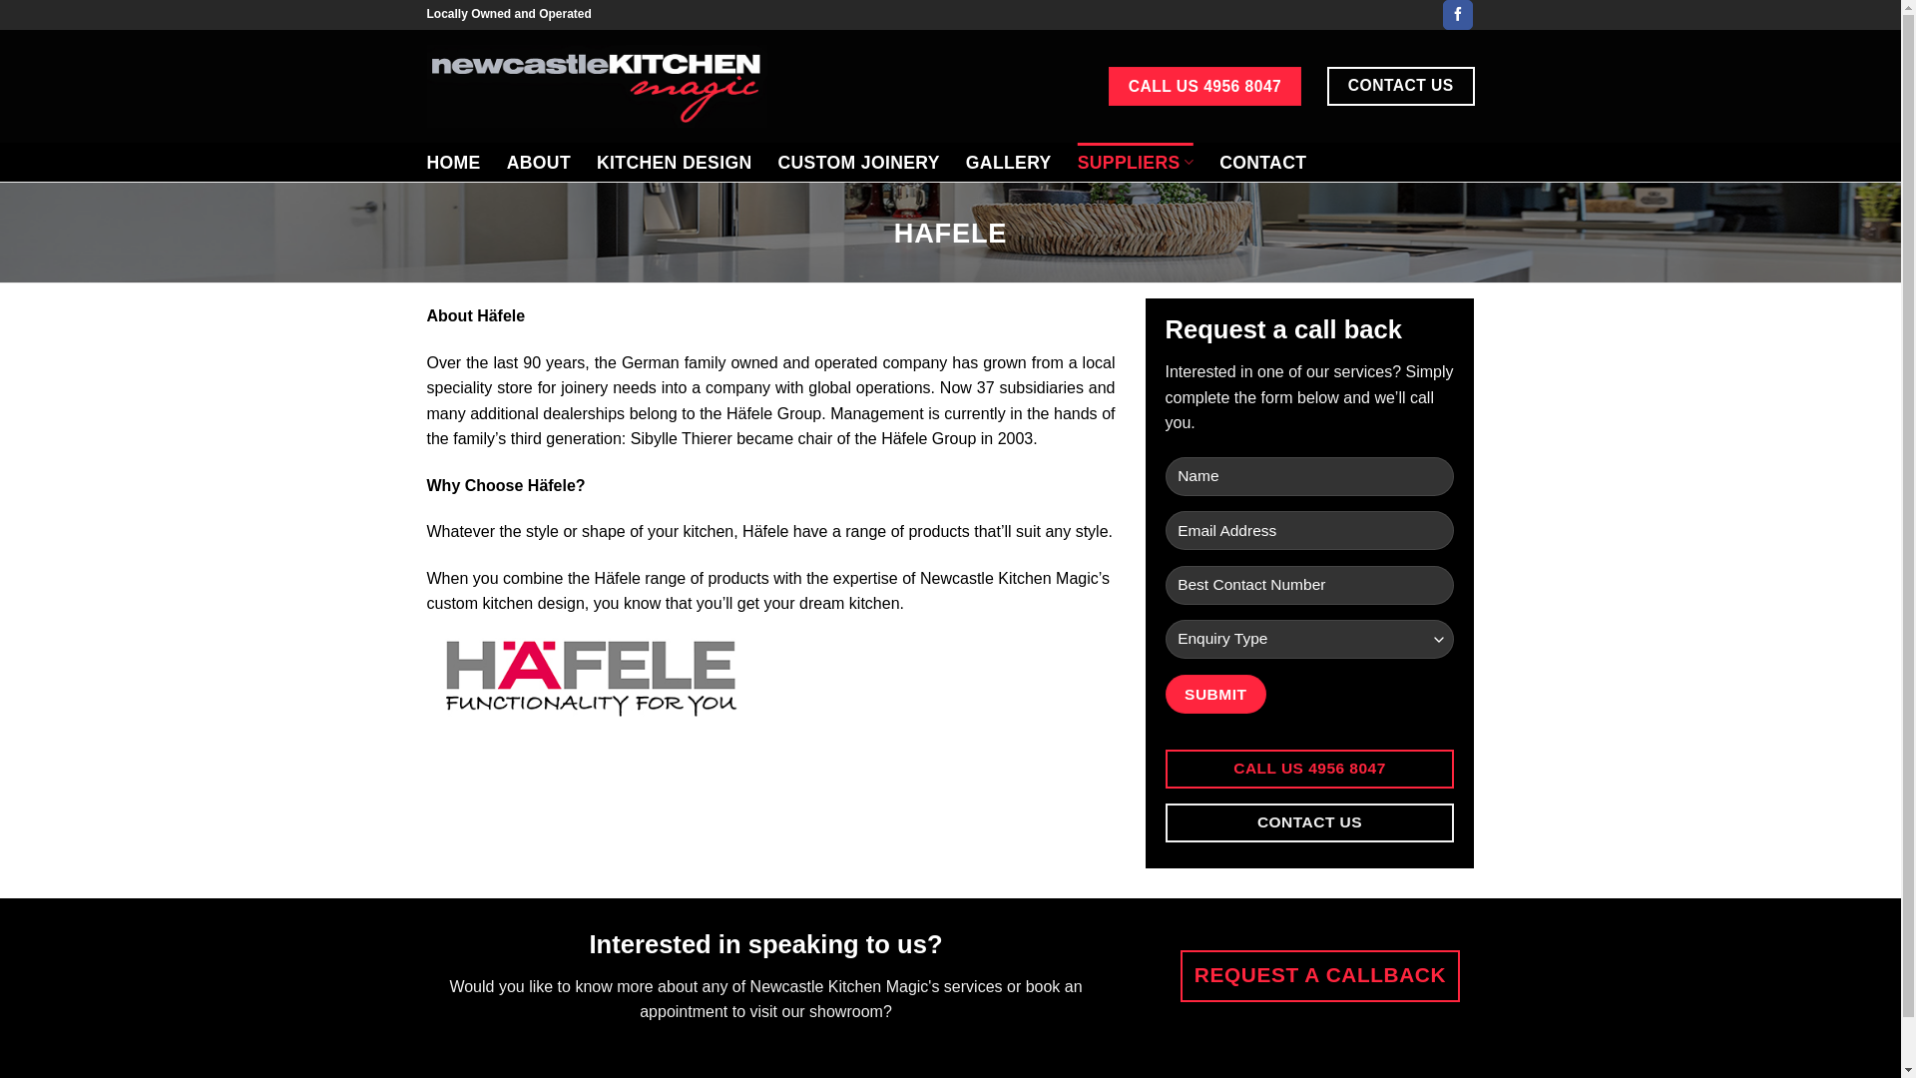  Describe the element at coordinates (596, 84) in the screenshot. I see `'Newcastle Kitchen Magic - Custom made kitchens and joinery'` at that location.